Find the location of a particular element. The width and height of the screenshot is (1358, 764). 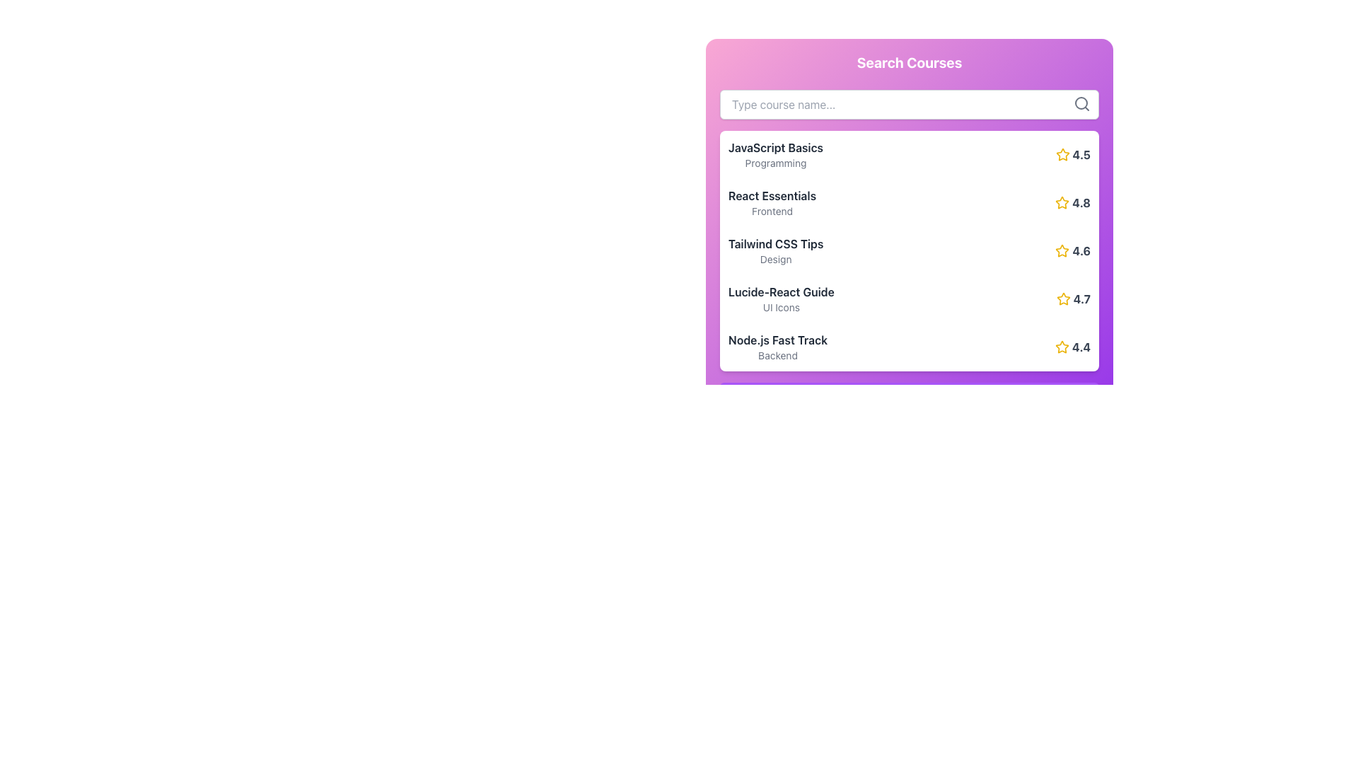

the bold numerical text label '4.8' displayed in dark gray font, which is positioned to the right of the 'React Essentials' item and follows the rating star icon is located at coordinates (1081, 202).